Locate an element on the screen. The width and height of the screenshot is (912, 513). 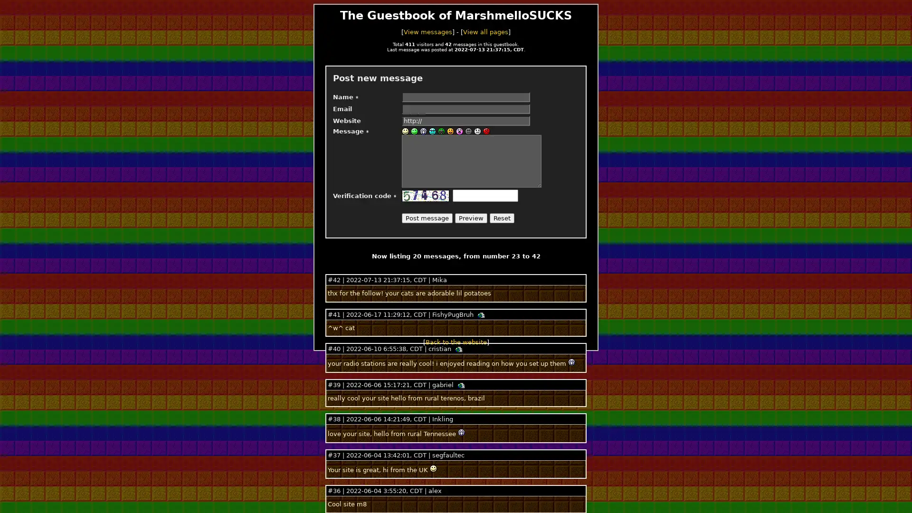
Reset is located at coordinates (501, 218).